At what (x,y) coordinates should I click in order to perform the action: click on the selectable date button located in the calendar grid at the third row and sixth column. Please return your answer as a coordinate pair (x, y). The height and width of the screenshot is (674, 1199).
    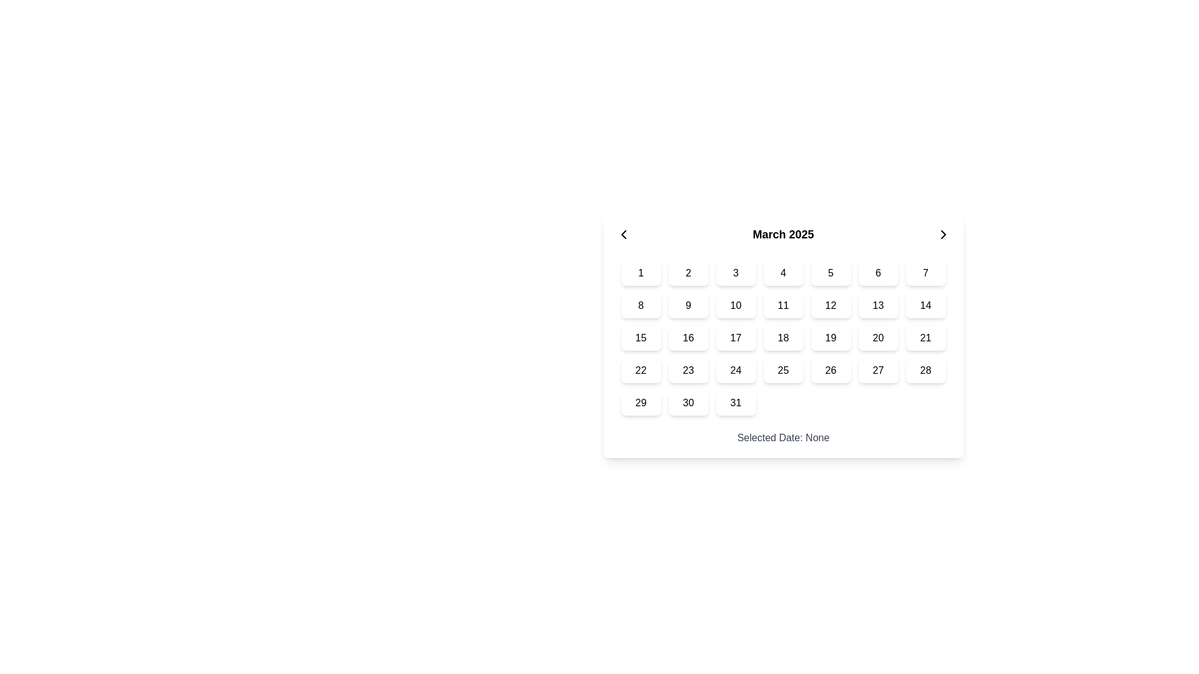
    Looking at the image, I should click on (831, 338).